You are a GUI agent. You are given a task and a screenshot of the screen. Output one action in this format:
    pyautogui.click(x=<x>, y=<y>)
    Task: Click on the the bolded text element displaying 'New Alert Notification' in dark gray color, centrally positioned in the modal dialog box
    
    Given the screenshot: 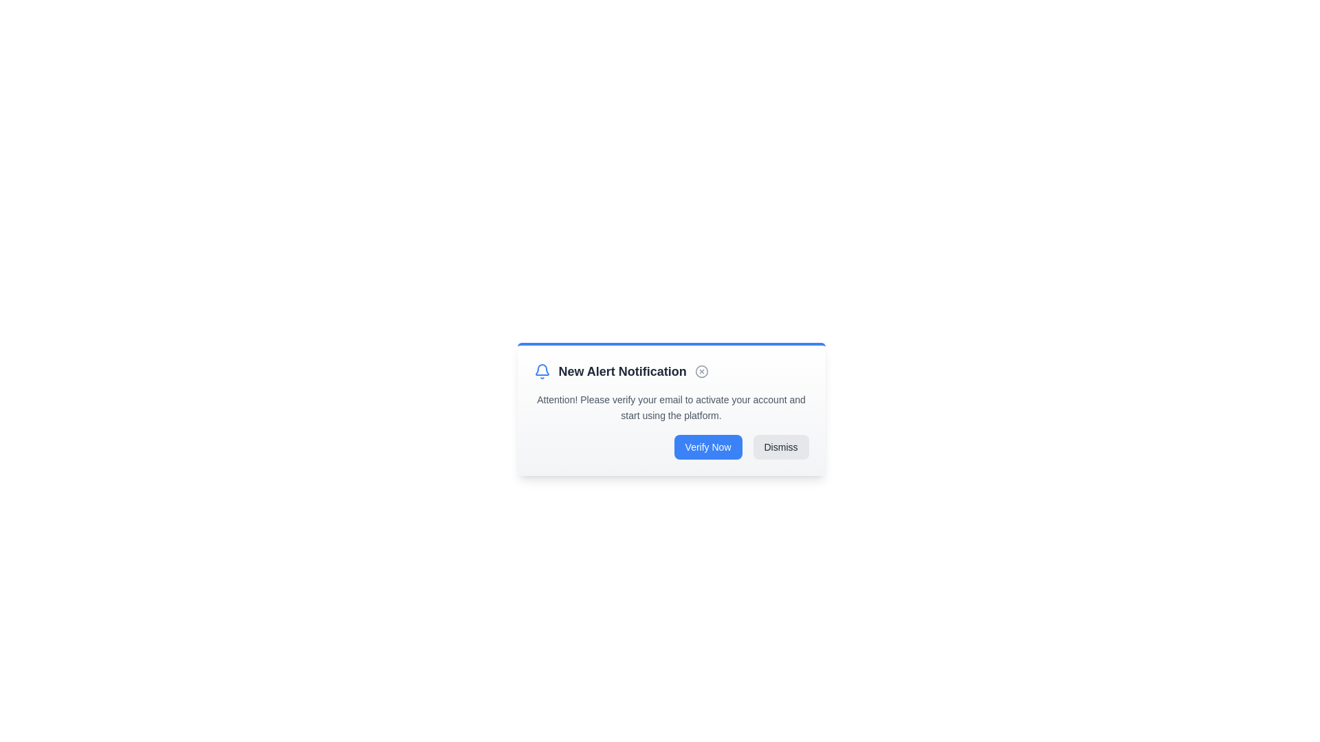 What is the action you would take?
    pyautogui.click(x=621, y=371)
    